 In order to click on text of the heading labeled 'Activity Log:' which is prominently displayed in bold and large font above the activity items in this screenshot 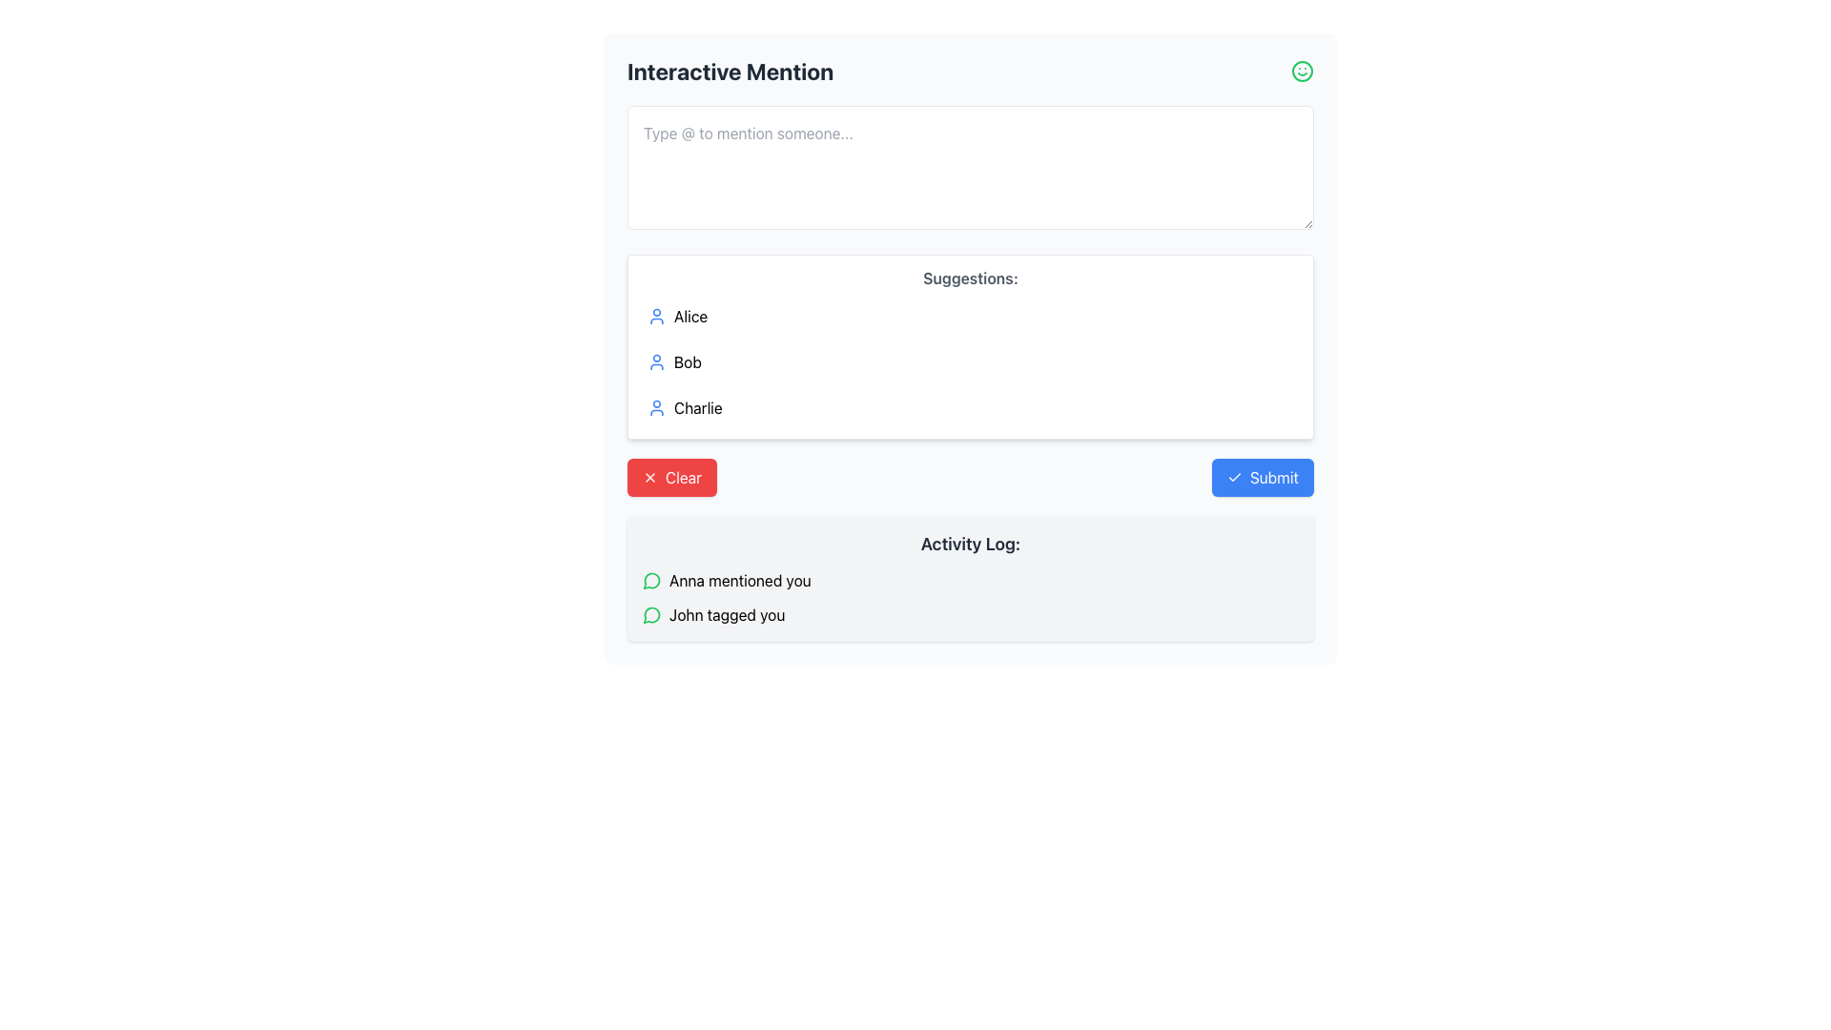, I will do `click(970, 544)`.